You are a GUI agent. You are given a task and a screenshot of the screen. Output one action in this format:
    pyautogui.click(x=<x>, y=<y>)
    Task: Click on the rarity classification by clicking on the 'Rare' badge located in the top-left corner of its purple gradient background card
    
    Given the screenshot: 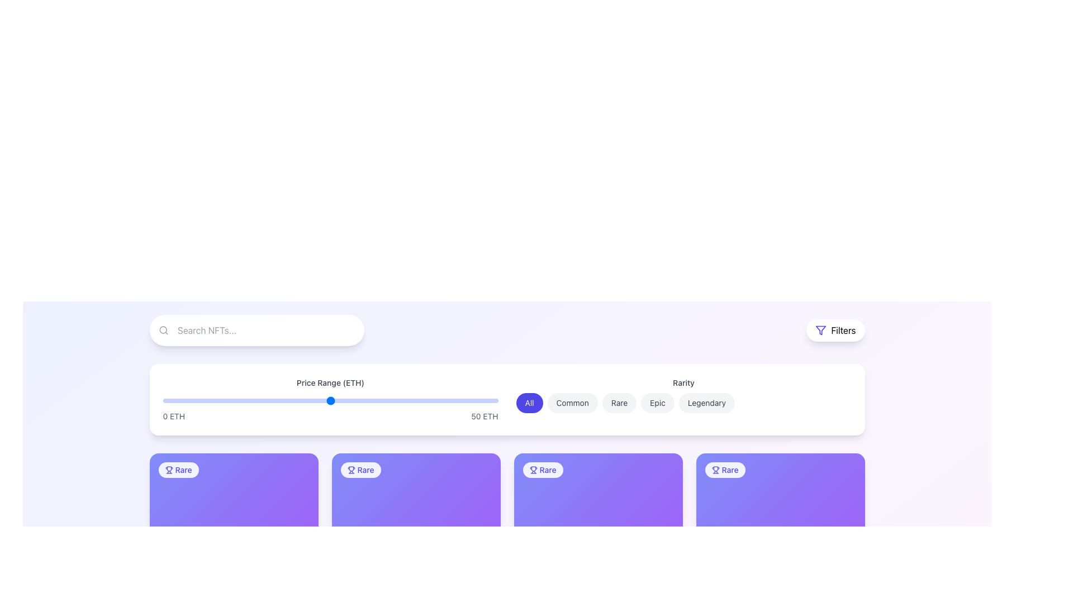 What is the action you would take?
    pyautogui.click(x=360, y=470)
    